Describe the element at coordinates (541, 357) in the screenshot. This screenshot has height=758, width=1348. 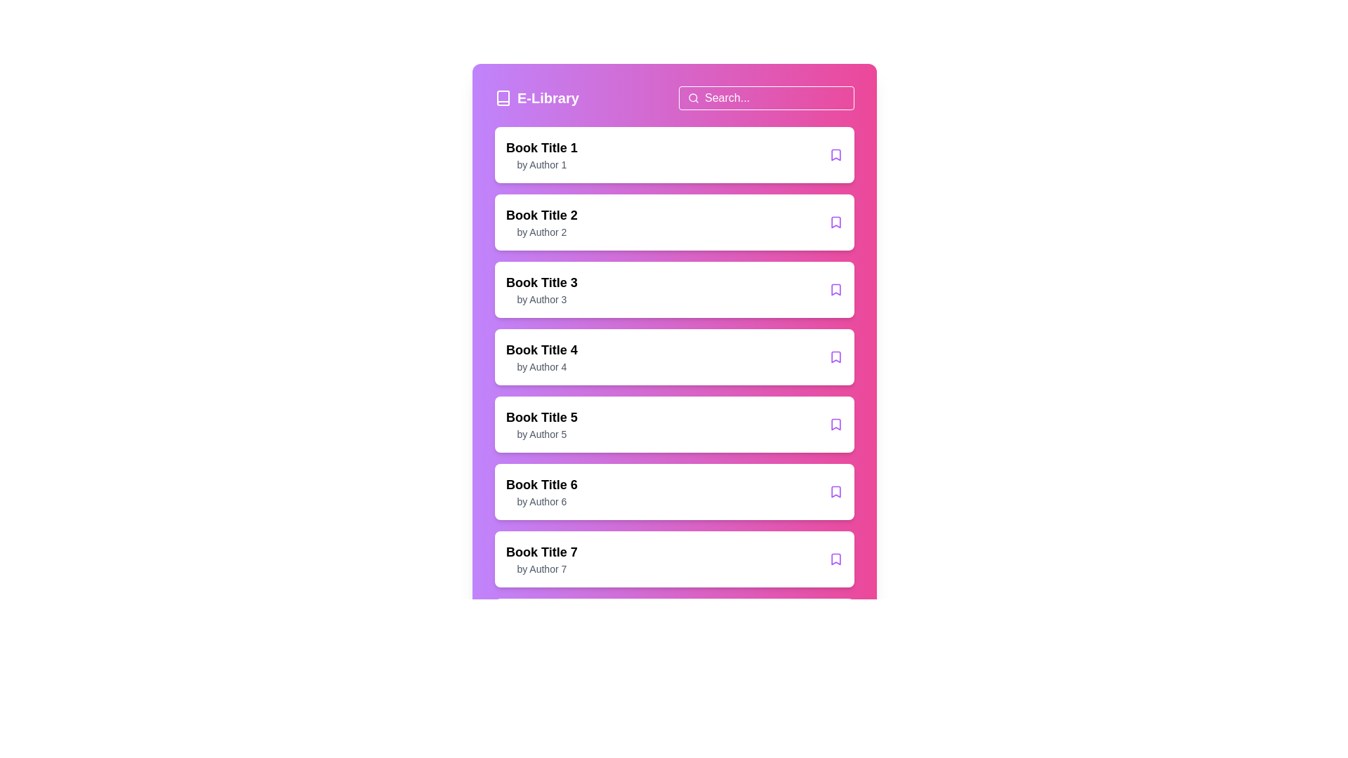
I see `the text display element representing 'Book Title 4'` at that location.